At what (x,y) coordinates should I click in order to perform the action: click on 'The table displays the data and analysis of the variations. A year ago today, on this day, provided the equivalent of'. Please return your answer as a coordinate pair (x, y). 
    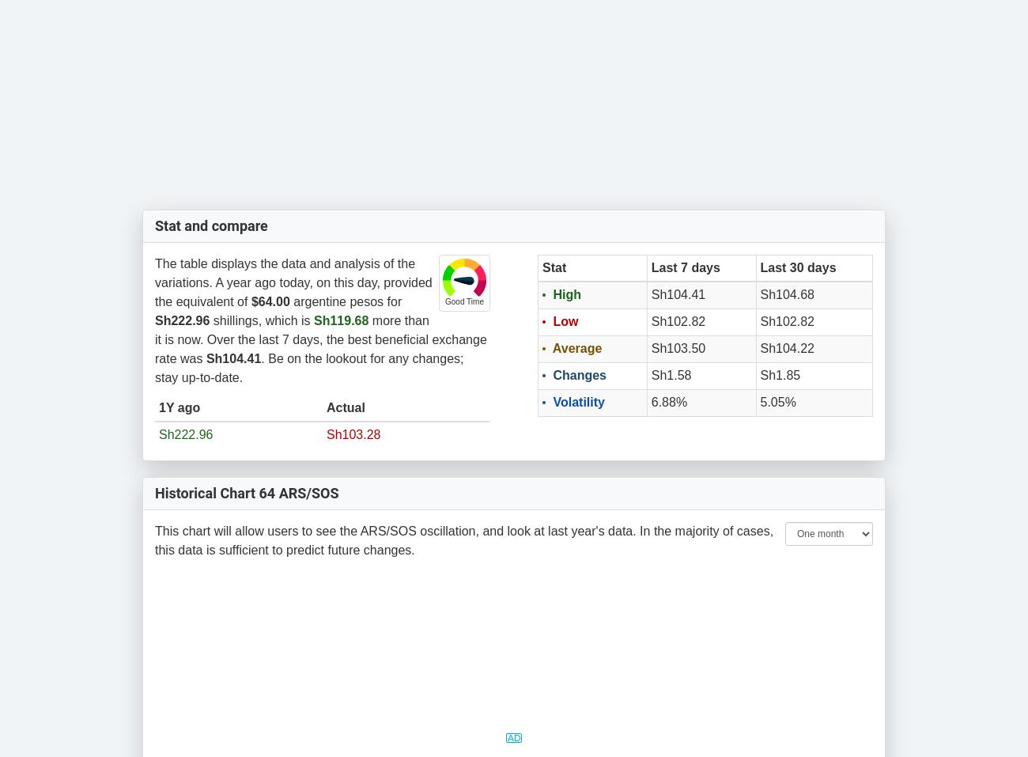
    Looking at the image, I should click on (293, 282).